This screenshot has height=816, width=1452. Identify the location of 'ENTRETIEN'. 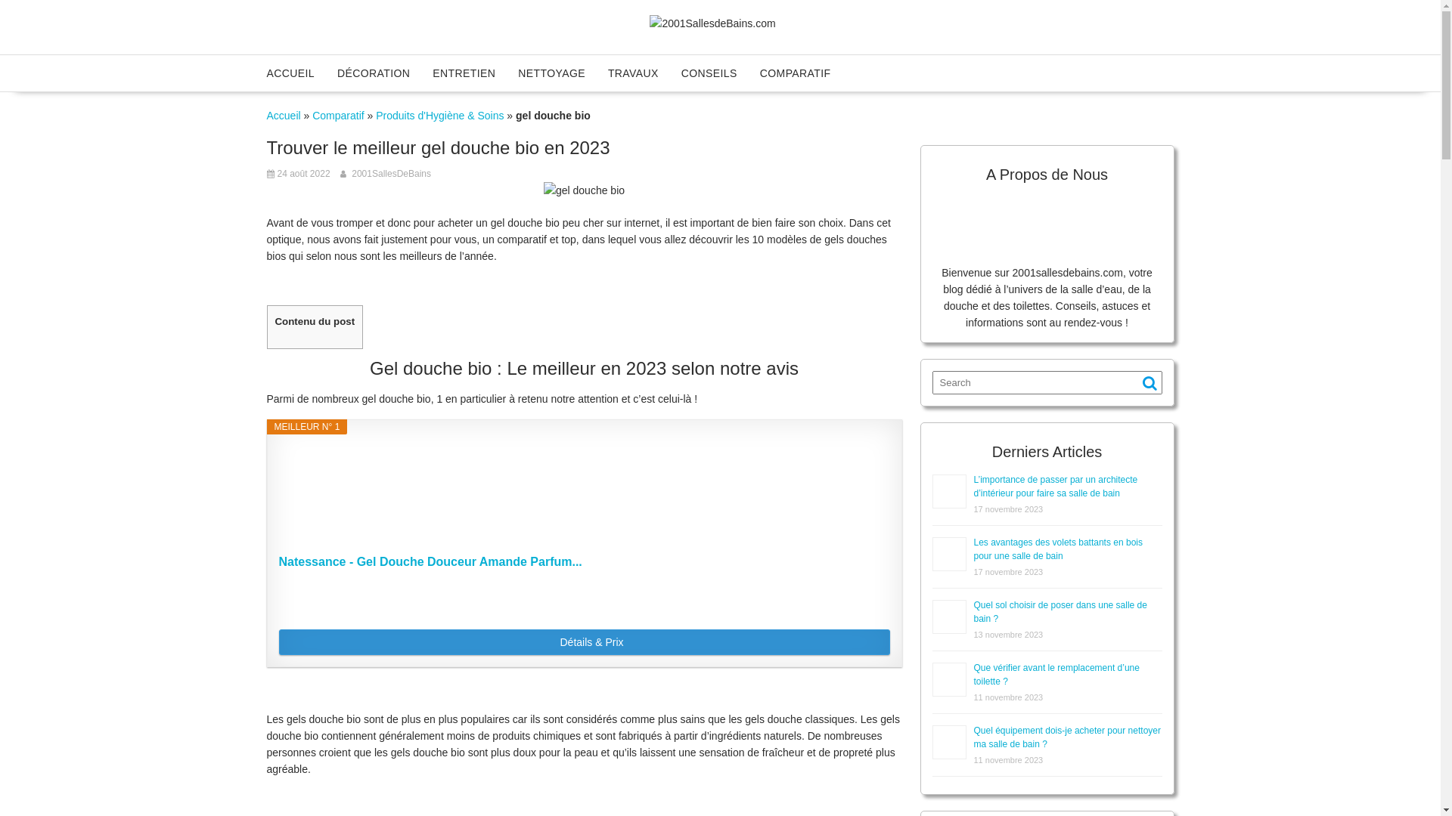
(463, 73).